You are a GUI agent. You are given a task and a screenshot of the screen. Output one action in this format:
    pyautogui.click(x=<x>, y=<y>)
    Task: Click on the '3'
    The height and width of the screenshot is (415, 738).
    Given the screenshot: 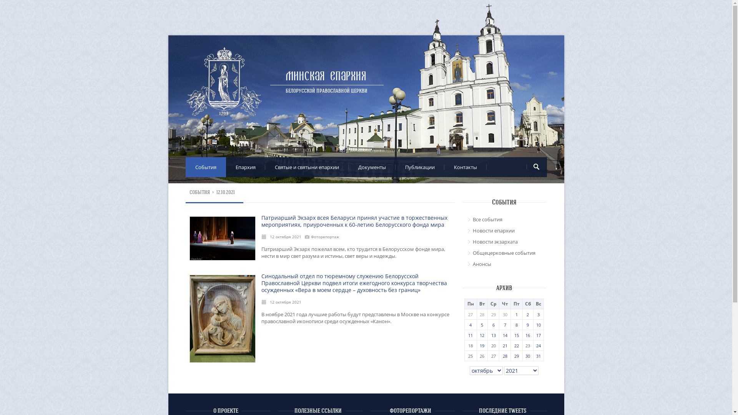 What is the action you would take?
    pyautogui.click(x=538, y=314)
    